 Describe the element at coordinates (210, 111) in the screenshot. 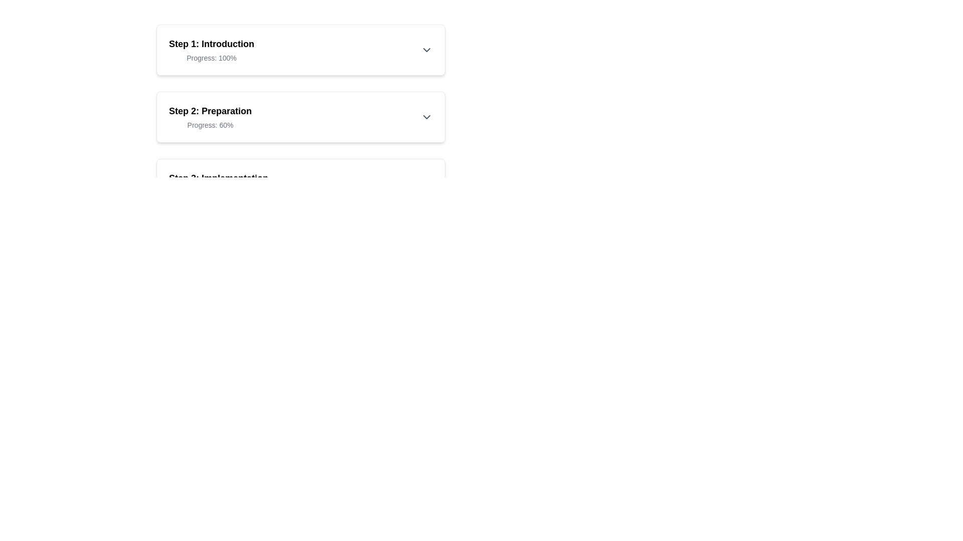

I see `the text label that serves as a title for the second step in a sequence, located above the progress text 'Progress: 60%'` at that location.